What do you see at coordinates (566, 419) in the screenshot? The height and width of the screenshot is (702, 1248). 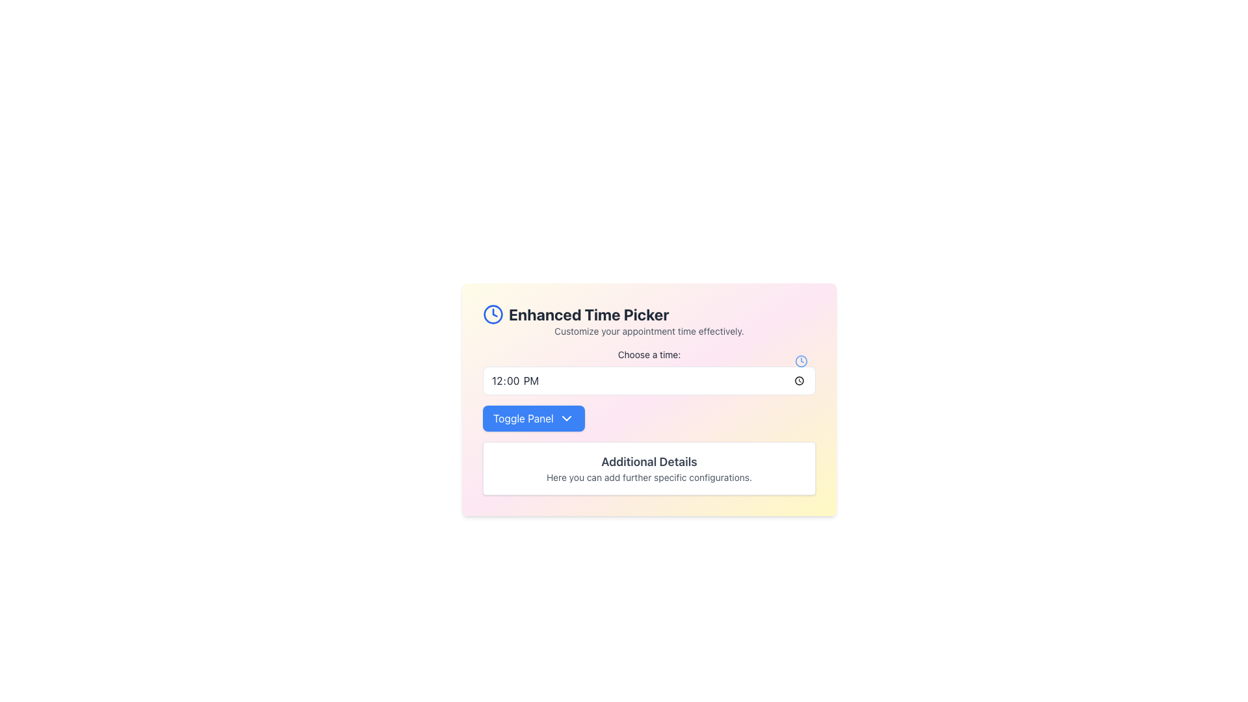 I see `the downward-pointing chevron icon located at the right end of the 'Toggle Panel' button` at bounding box center [566, 419].